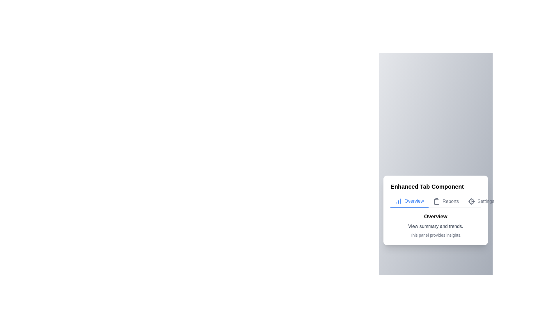 The image size is (559, 314). Describe the element at coordinates (409, 201) in the screenshot. I see `the Overview tab to navigate to it` at that location.